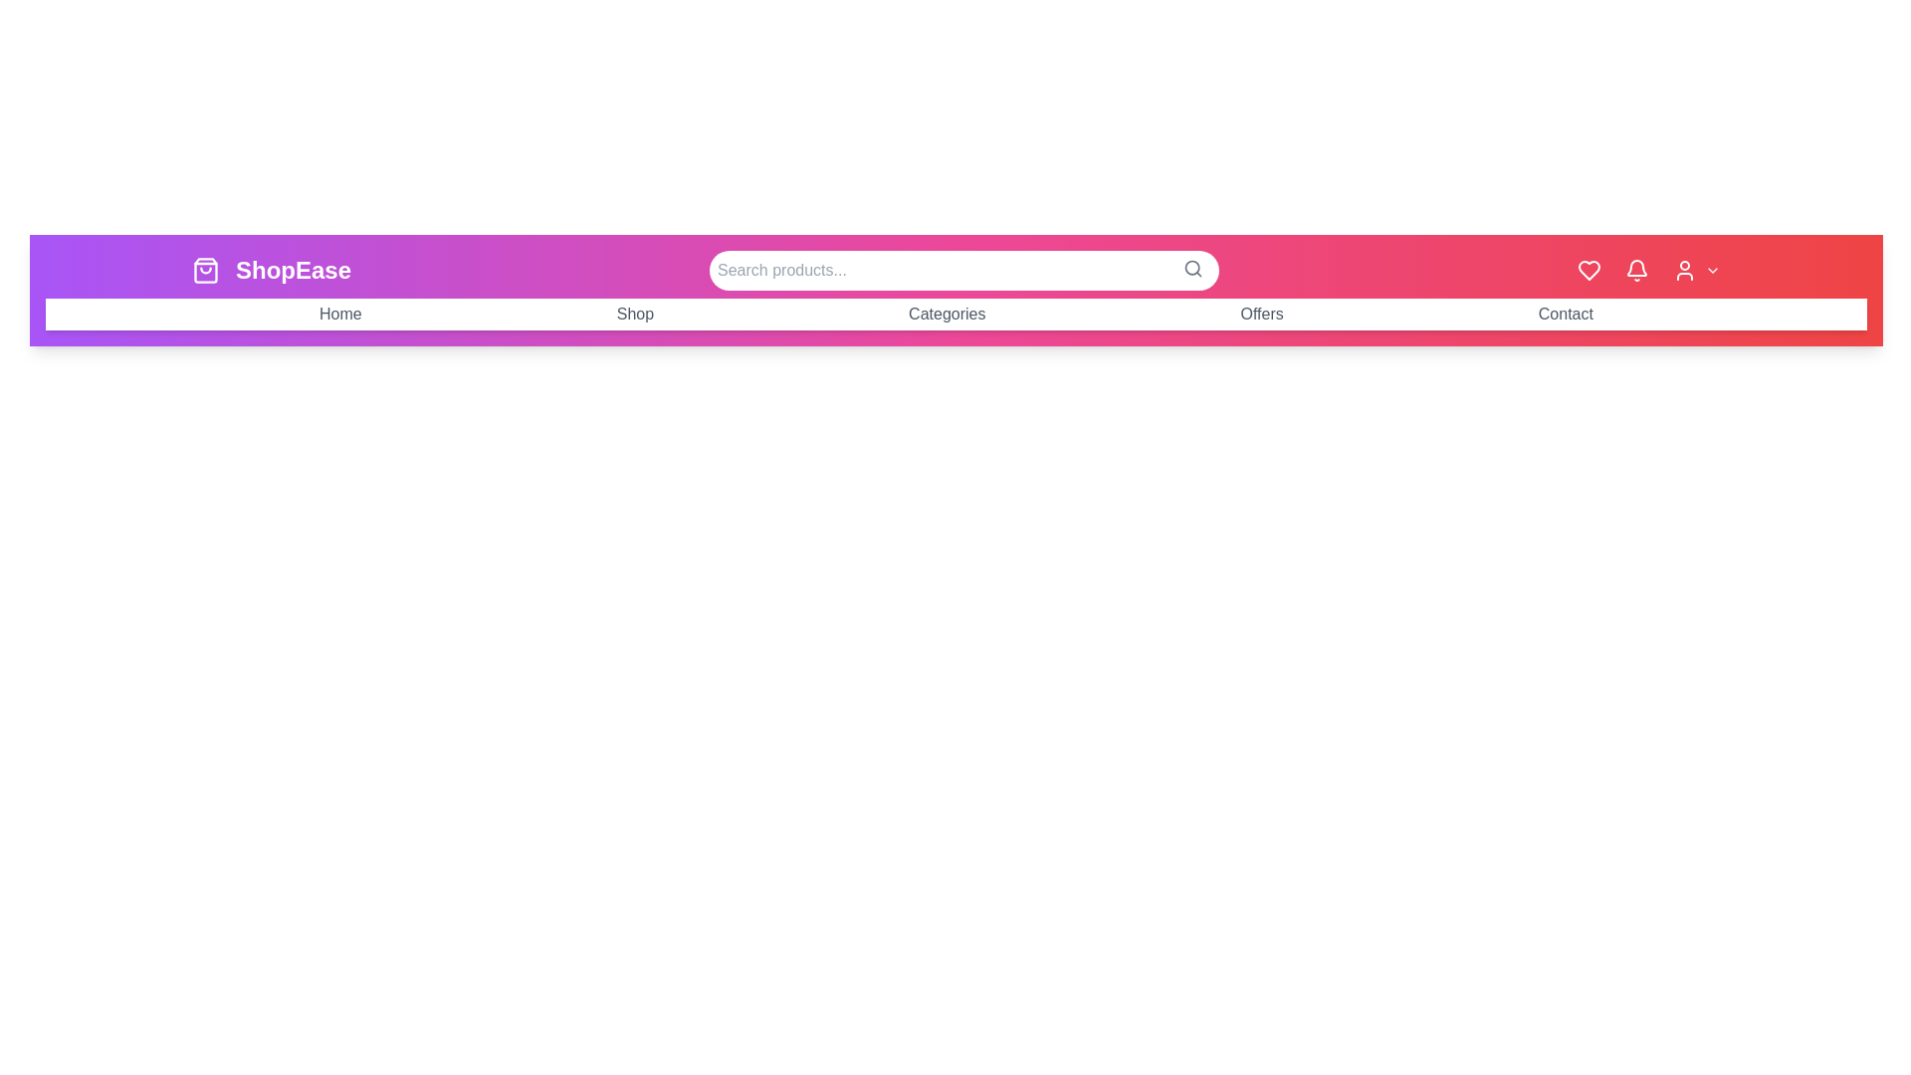 The width and height of the screenshot is (1911, 1075). Describe the element at coordinates (1637, 271) in the screenshot. I see `the bell icon in the app bar` at that location.